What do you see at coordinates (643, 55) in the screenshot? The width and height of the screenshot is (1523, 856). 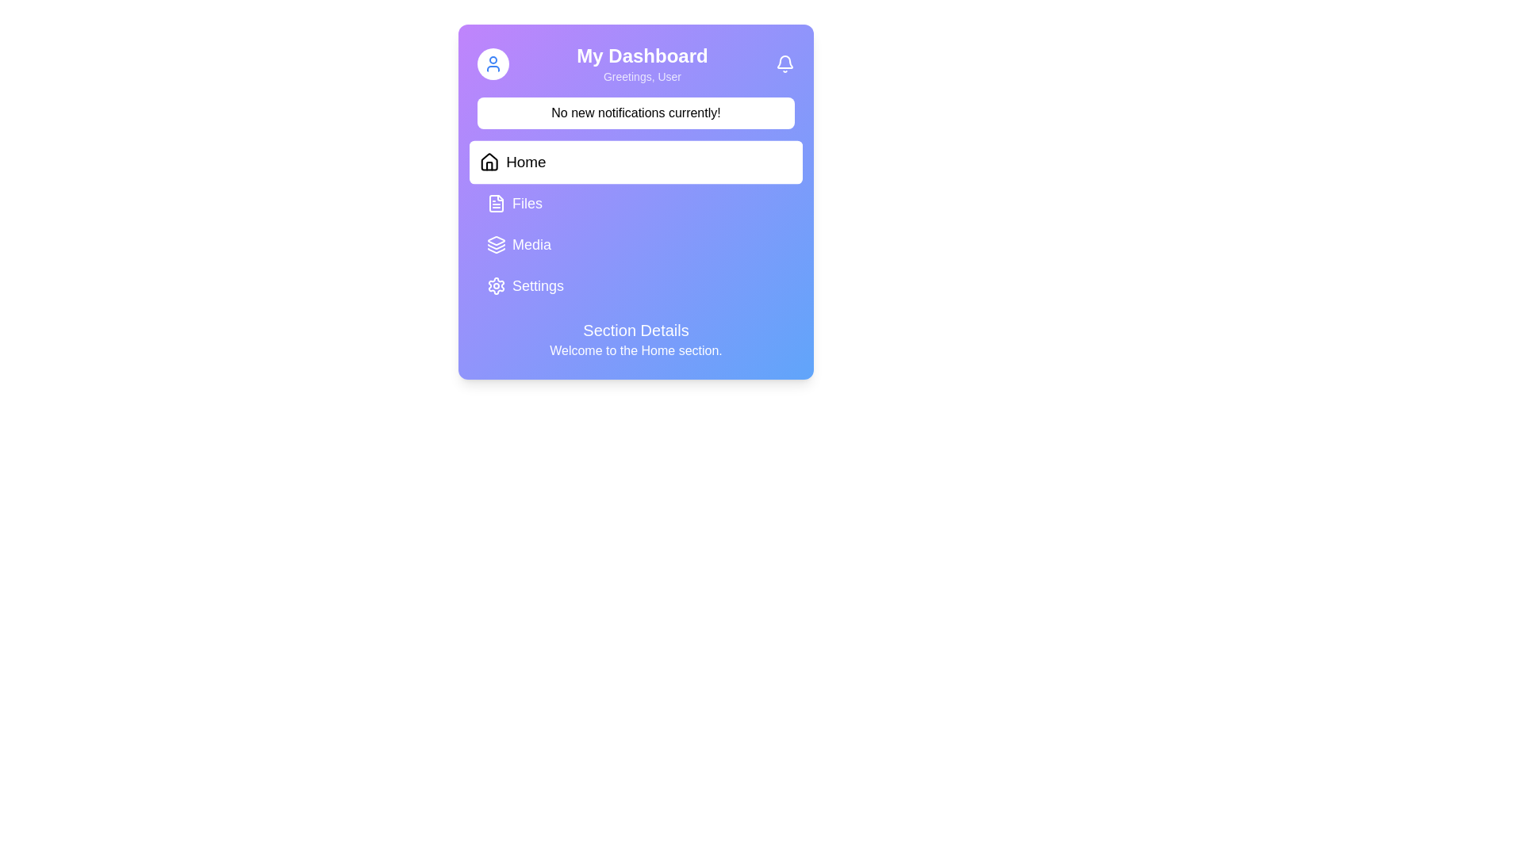 I see `the header text labeled 'My Dashboard' which is displayed in white color on a gradient background transitioning from purple to blue, located at the top section of a card interface` at bounding box center [643, 55].